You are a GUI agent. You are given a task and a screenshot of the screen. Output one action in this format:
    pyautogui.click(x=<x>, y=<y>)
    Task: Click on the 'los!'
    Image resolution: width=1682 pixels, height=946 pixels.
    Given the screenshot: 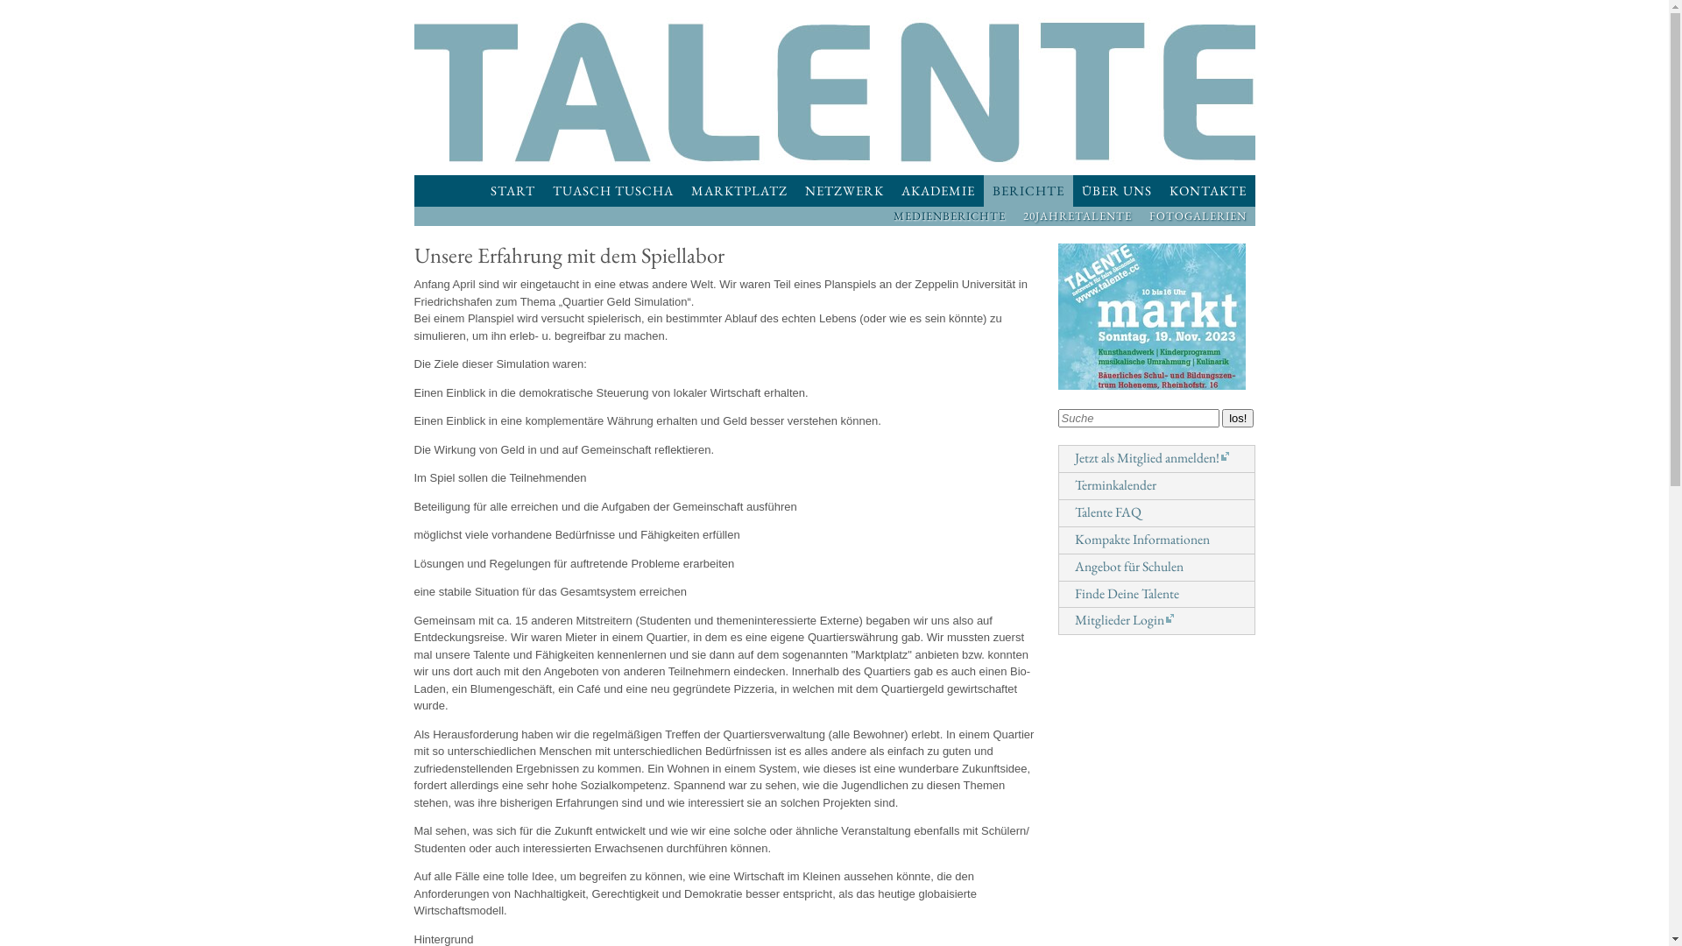 What is the action you would take?
    pyautogui.click(x=1236, y=418)
    